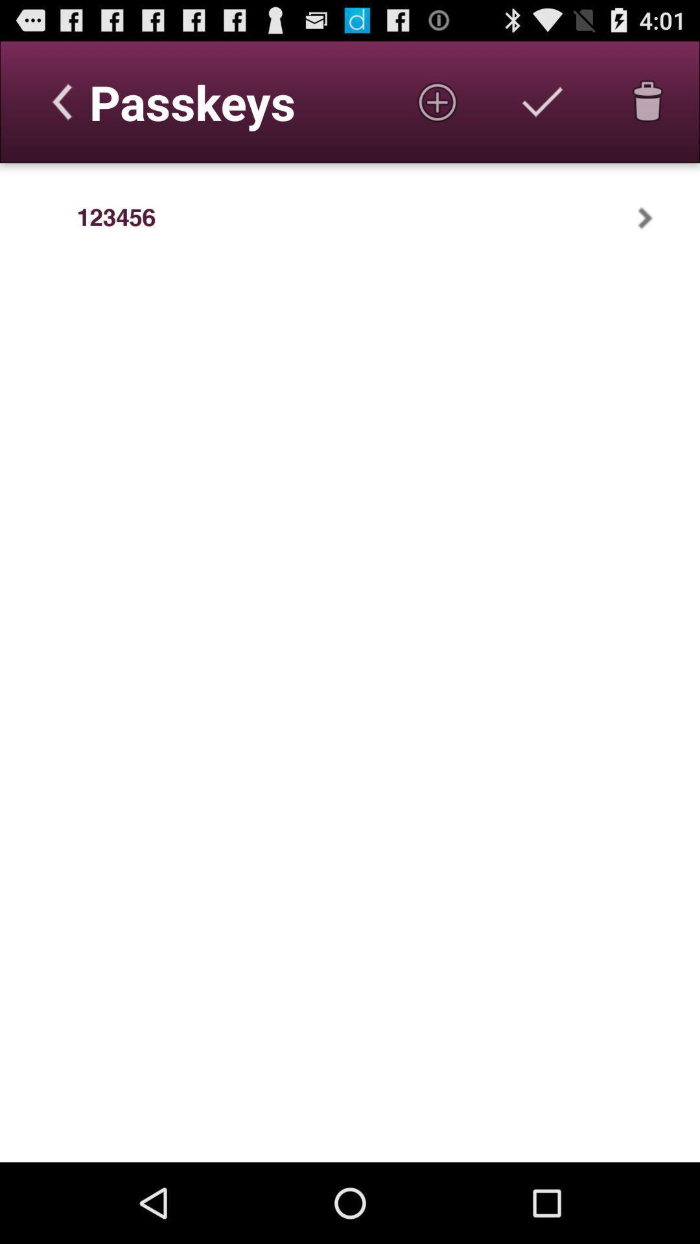 Image resolution: width=700 pixels, height=1244 pixels. I want to click on icon at the top, so click(437, 101).